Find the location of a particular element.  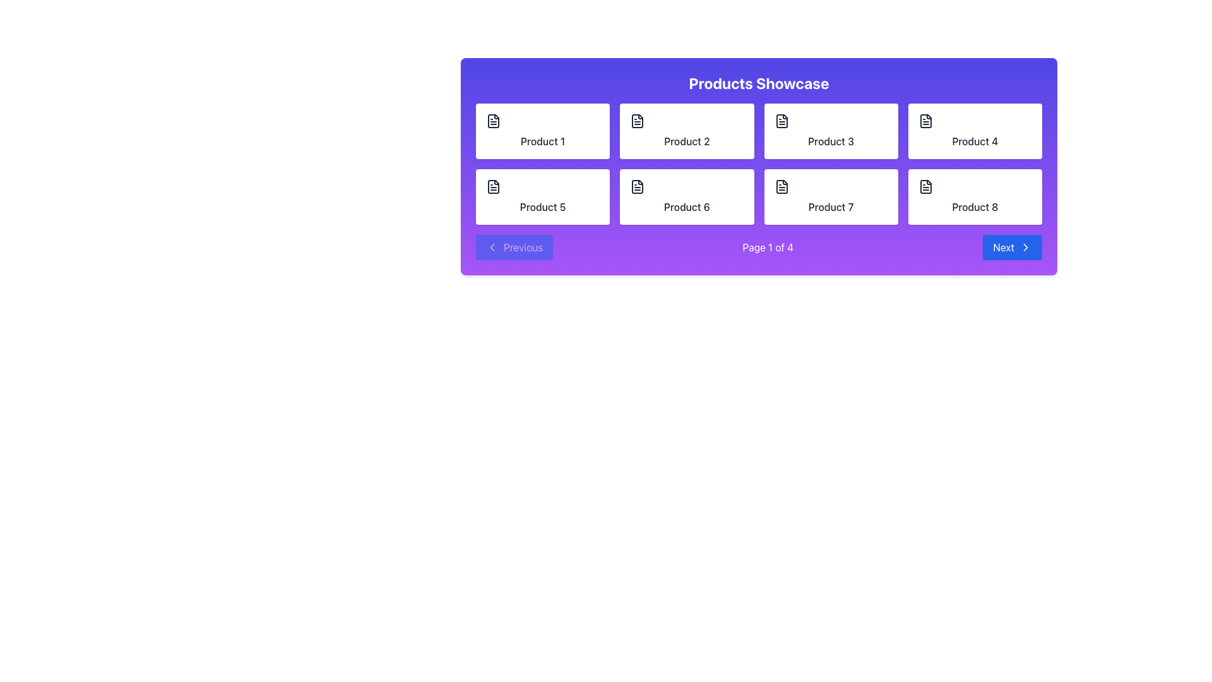

the icon related to 'Product 5' located in the second row, first column of the grid in the product showcase, above the text 'Product 5' is located at coordinates (493, 187).